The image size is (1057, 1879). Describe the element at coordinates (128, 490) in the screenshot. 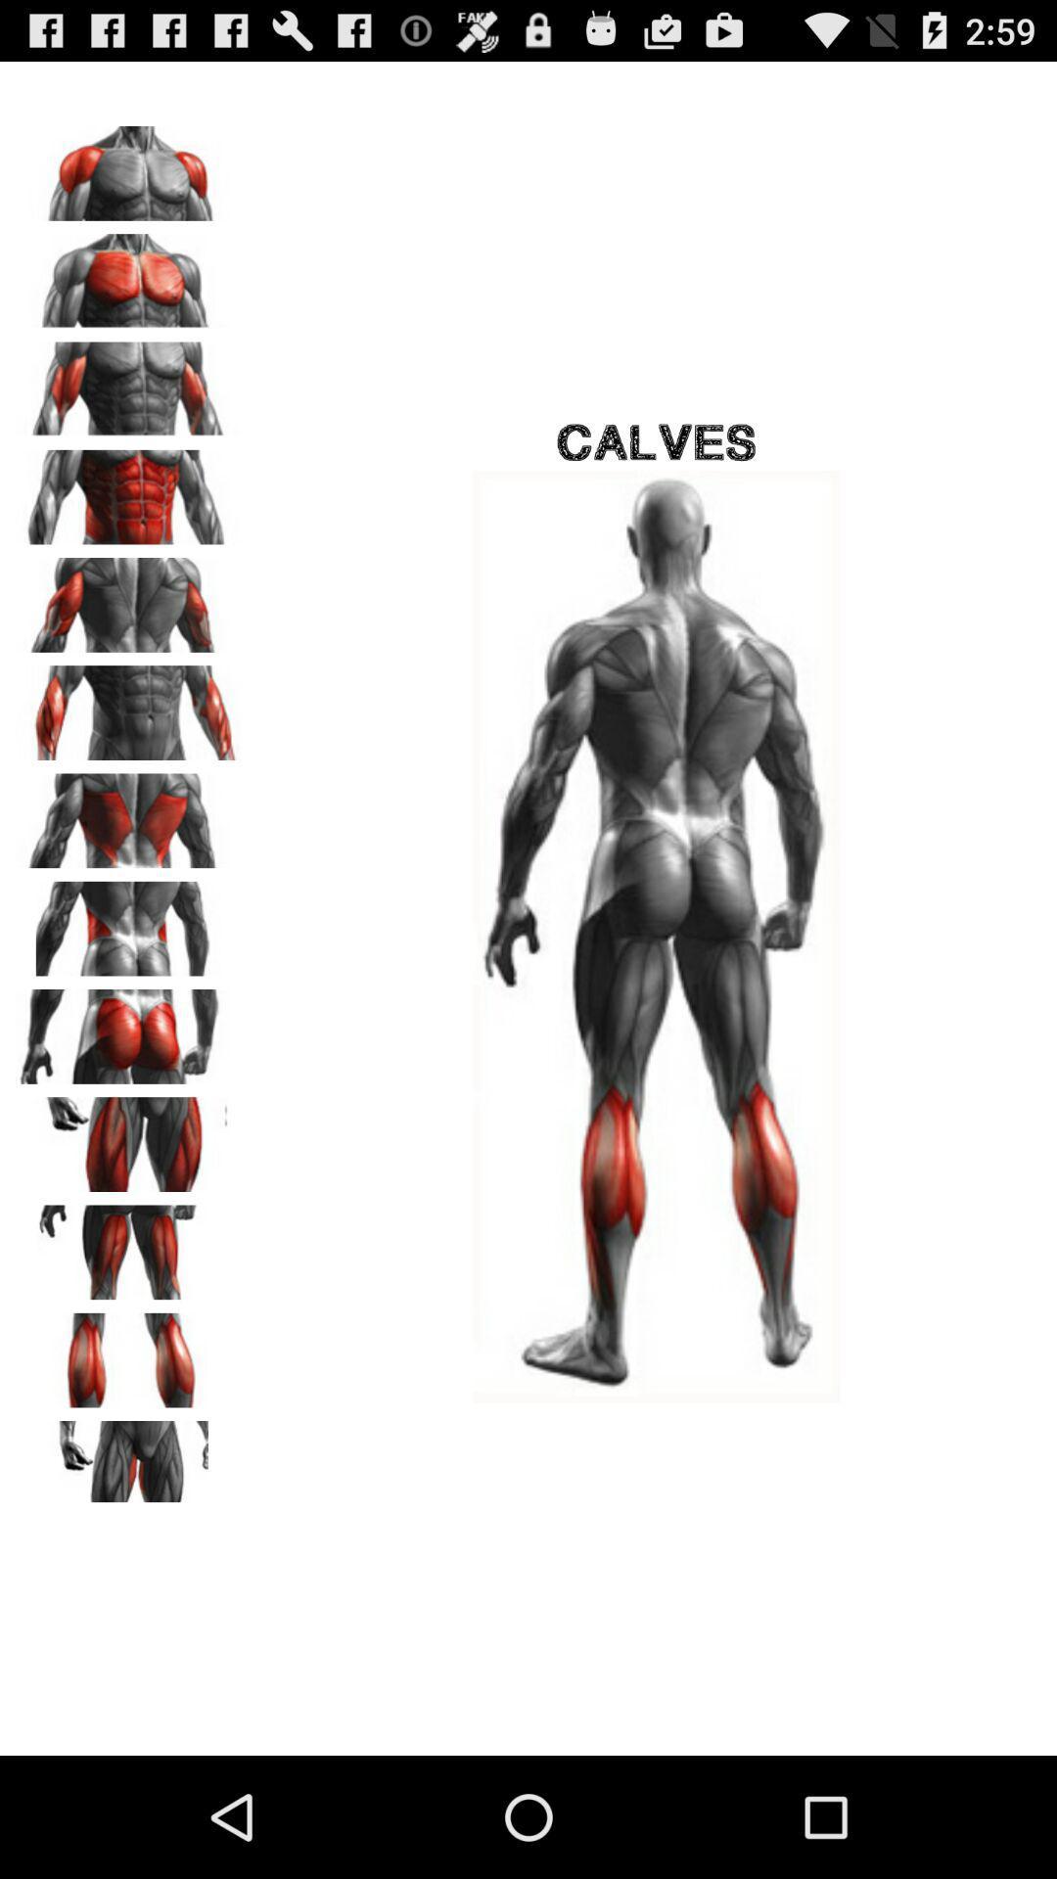

I see `see ab exercises` at that location.